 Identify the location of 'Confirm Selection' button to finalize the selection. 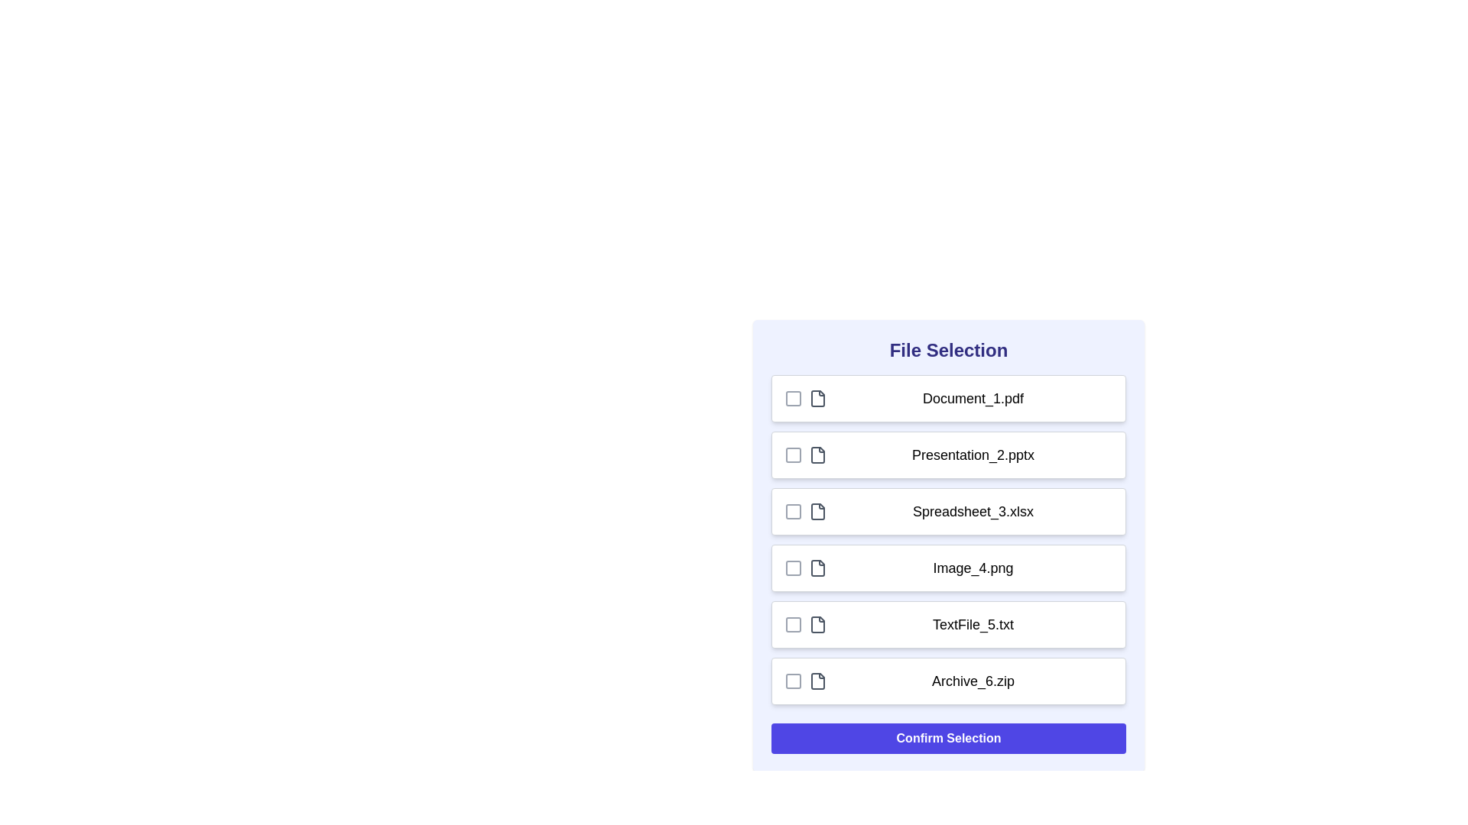
(948, 738).